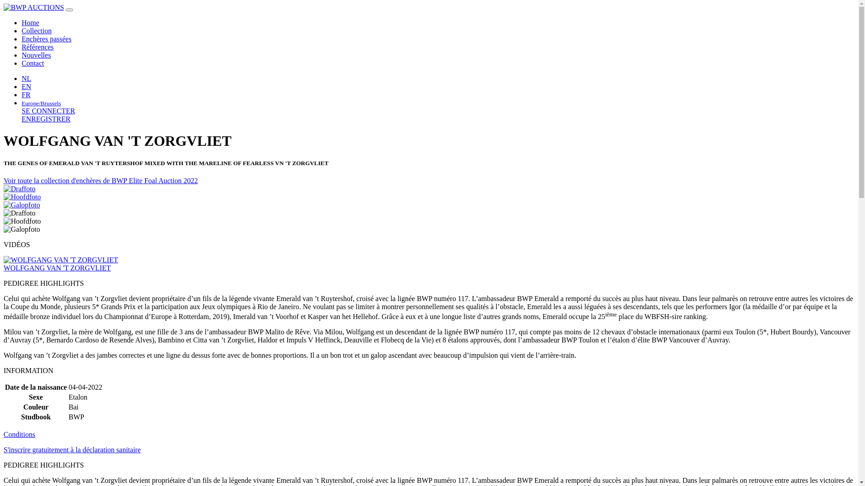 This screenshot has width=865, height=486. Describe the element at coordinates (32, 63) in the screenshot. I see `'Contact'` at that location.